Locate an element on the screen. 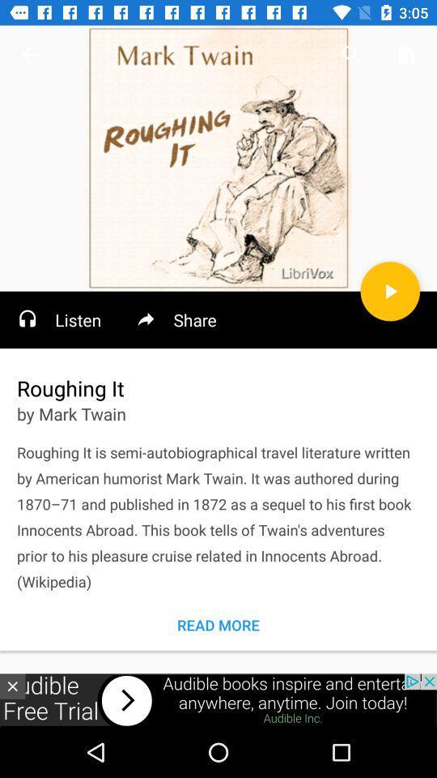 This screenshot has width=437, height=778. the close icon is located at coordinates (11, 686).